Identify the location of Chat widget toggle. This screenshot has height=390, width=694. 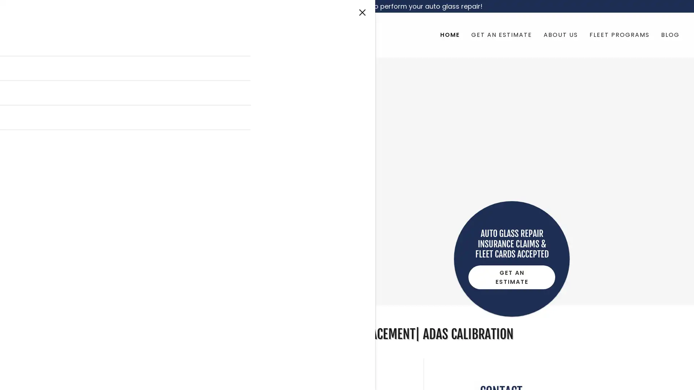
(675, 372).